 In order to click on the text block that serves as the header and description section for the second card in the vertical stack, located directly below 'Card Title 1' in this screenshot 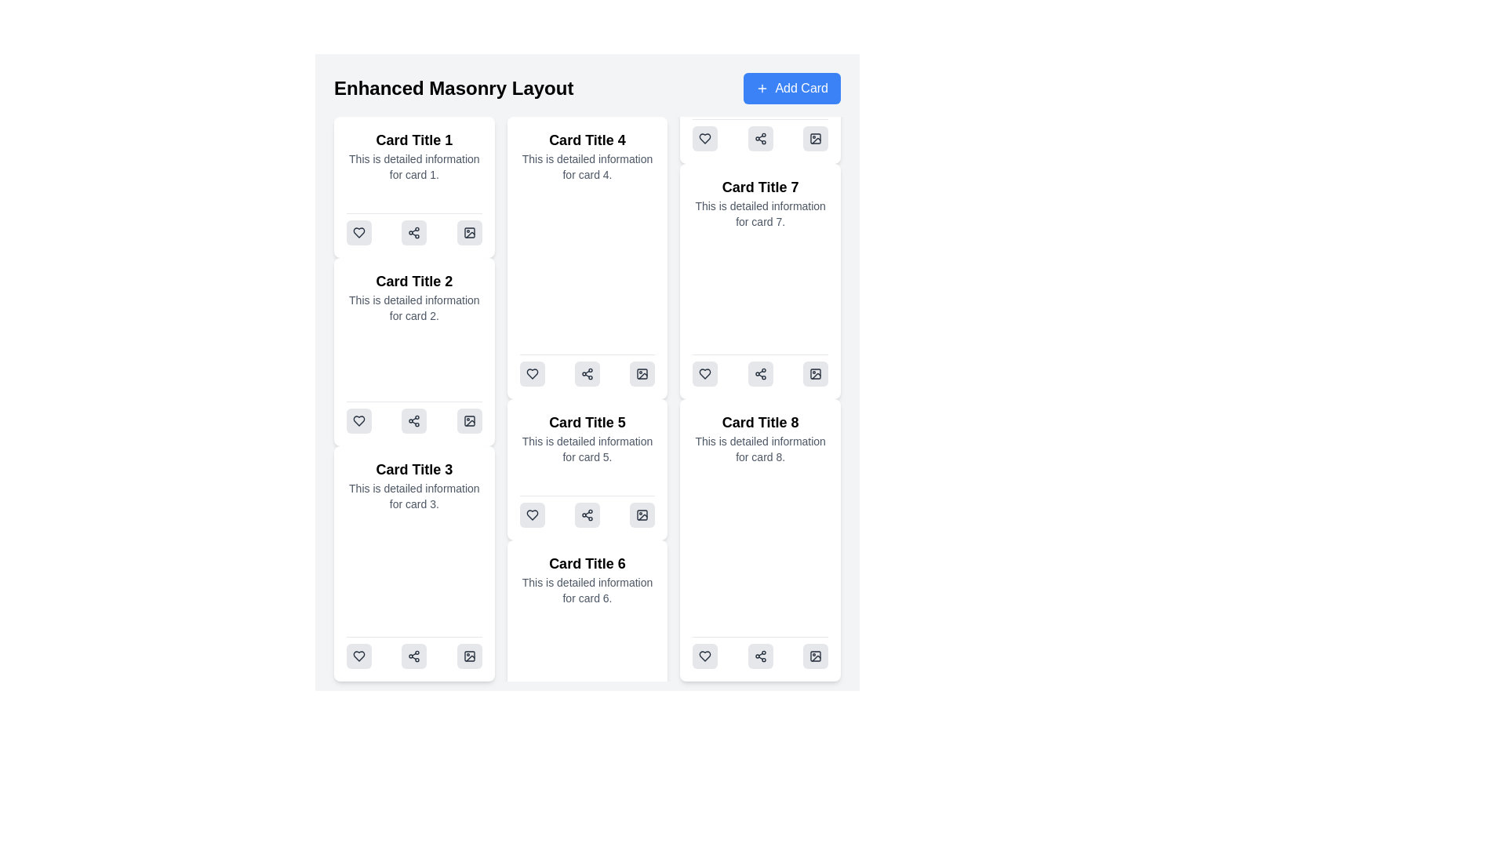, I will do `click(414, 296)`.